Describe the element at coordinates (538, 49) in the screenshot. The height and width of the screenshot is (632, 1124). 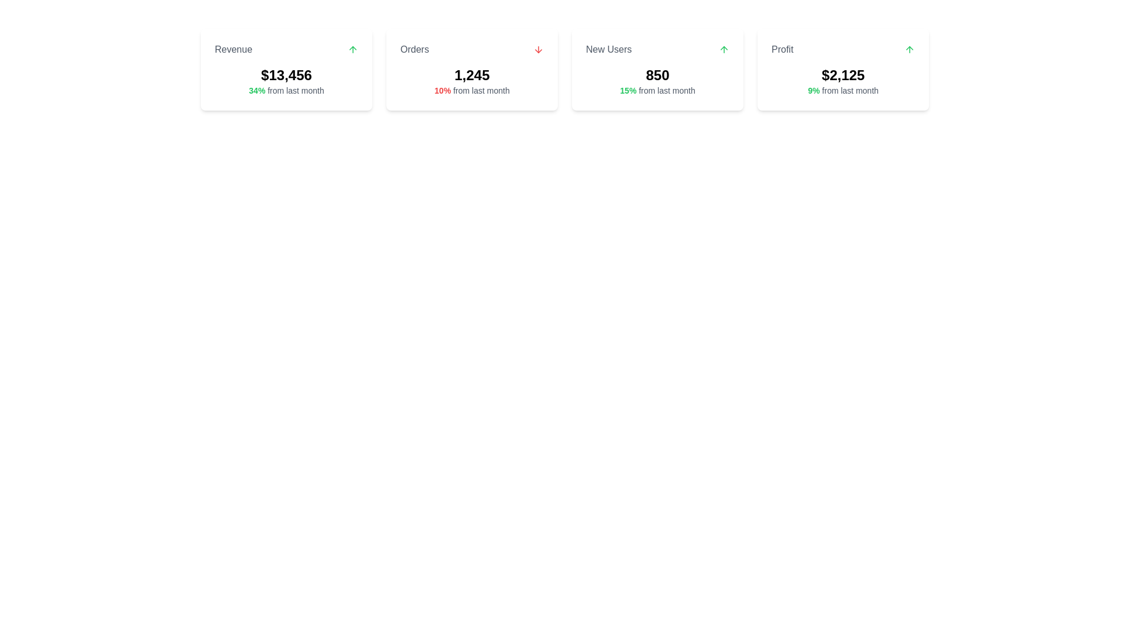
I see `the downward arrow icon located to the right of the 'Orders' text label within the card component in the 'Orders' section` at that location.